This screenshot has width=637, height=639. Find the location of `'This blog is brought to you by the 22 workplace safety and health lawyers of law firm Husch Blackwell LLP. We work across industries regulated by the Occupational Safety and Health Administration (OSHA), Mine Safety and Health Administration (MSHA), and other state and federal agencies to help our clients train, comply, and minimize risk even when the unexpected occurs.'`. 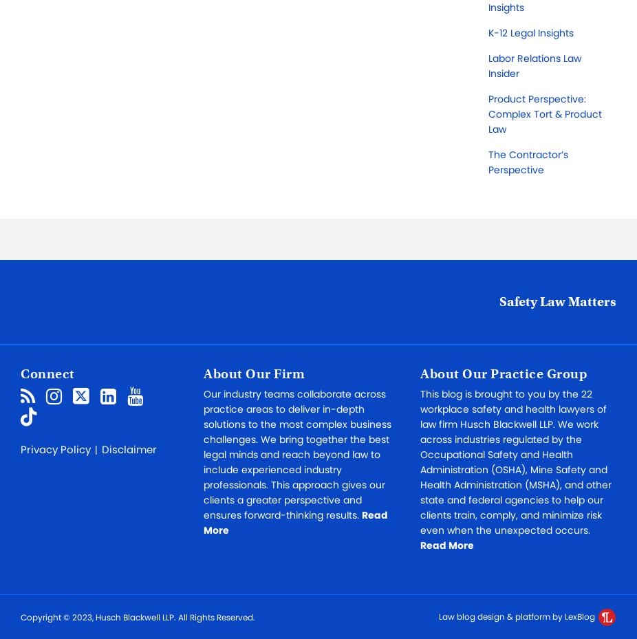

'This blog is brought to you by the 22 workplace safety and health lawyers of law firm Husch Blackwell LLP. We work across industries regulated by the Occupational Safety and Health Administration (OSHA), Mine Safety and Health Administration (MSHA), and other state and federal agencies to help our clients train, comply, and minimize risk even when the unexpected occurs.' is located at coordinates (515, 462).